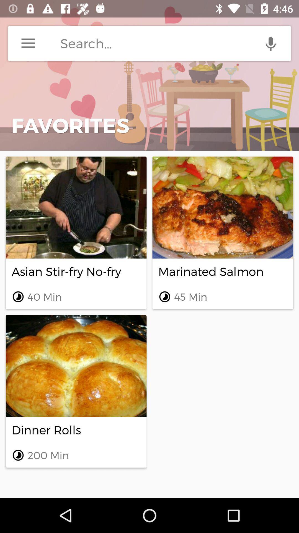 The height and width of the screenshot is (533, 299). What do you see at coordinates (270, 43) in the screenshot?
I see `use voice enabled search option` at bounding box center [270, 43].